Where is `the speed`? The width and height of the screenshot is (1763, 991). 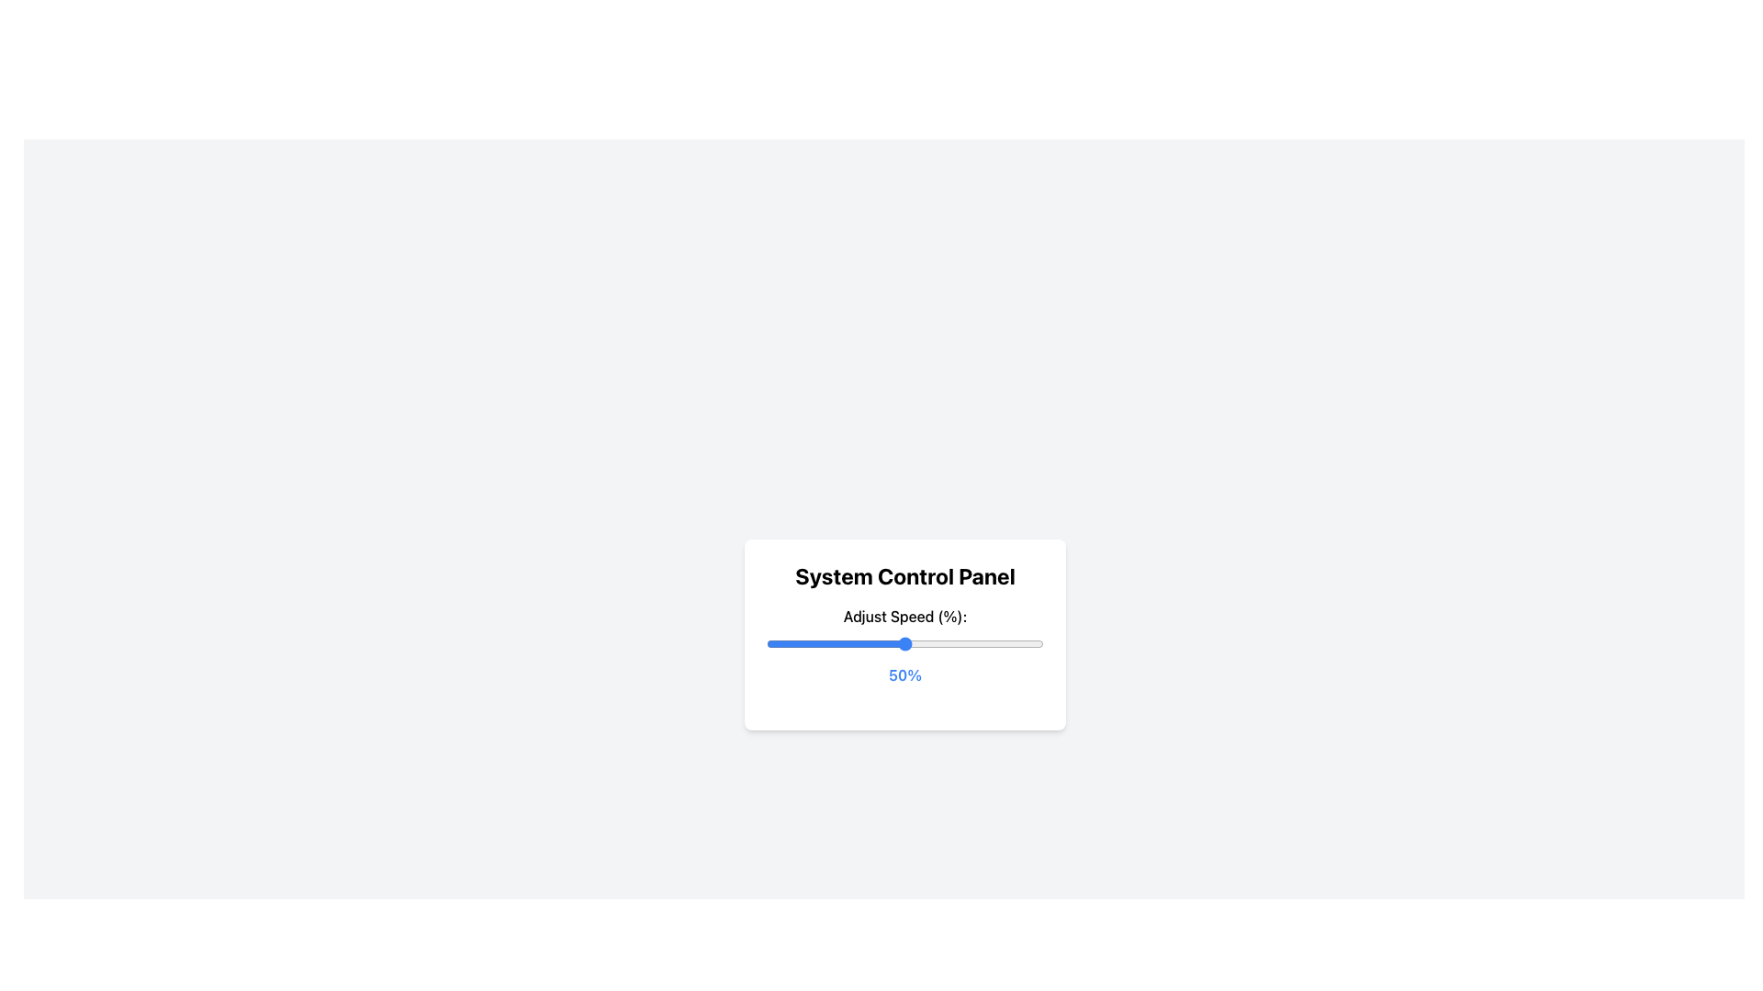
the speed is located at coordinates (1004, 643).